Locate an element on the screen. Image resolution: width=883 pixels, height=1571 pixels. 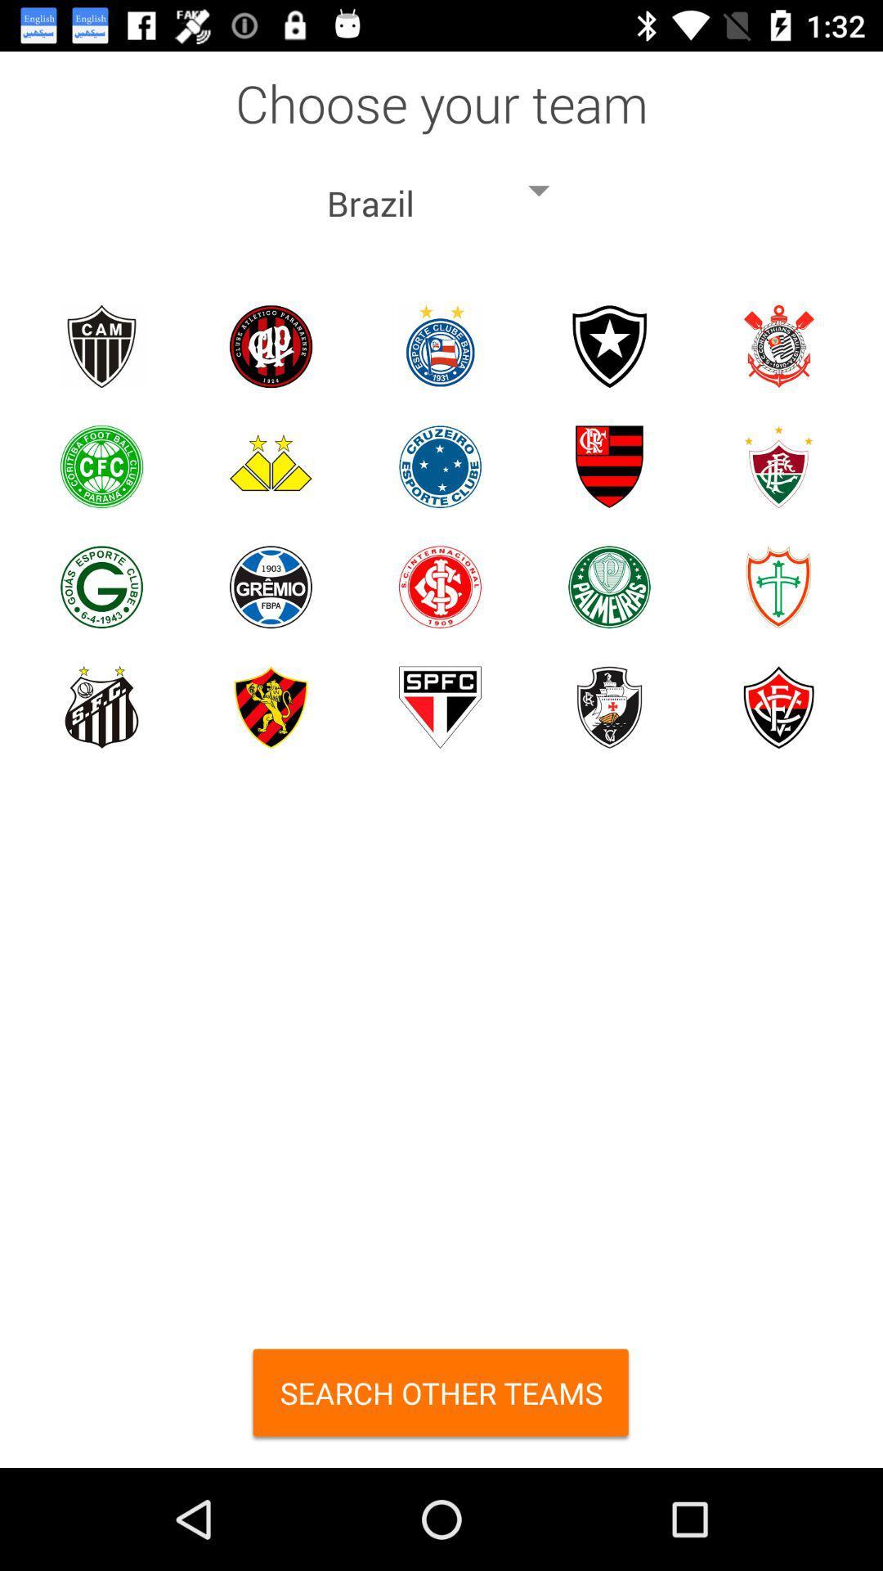
choose a team of yours by clicking on it is located at coordinates (270, 466).